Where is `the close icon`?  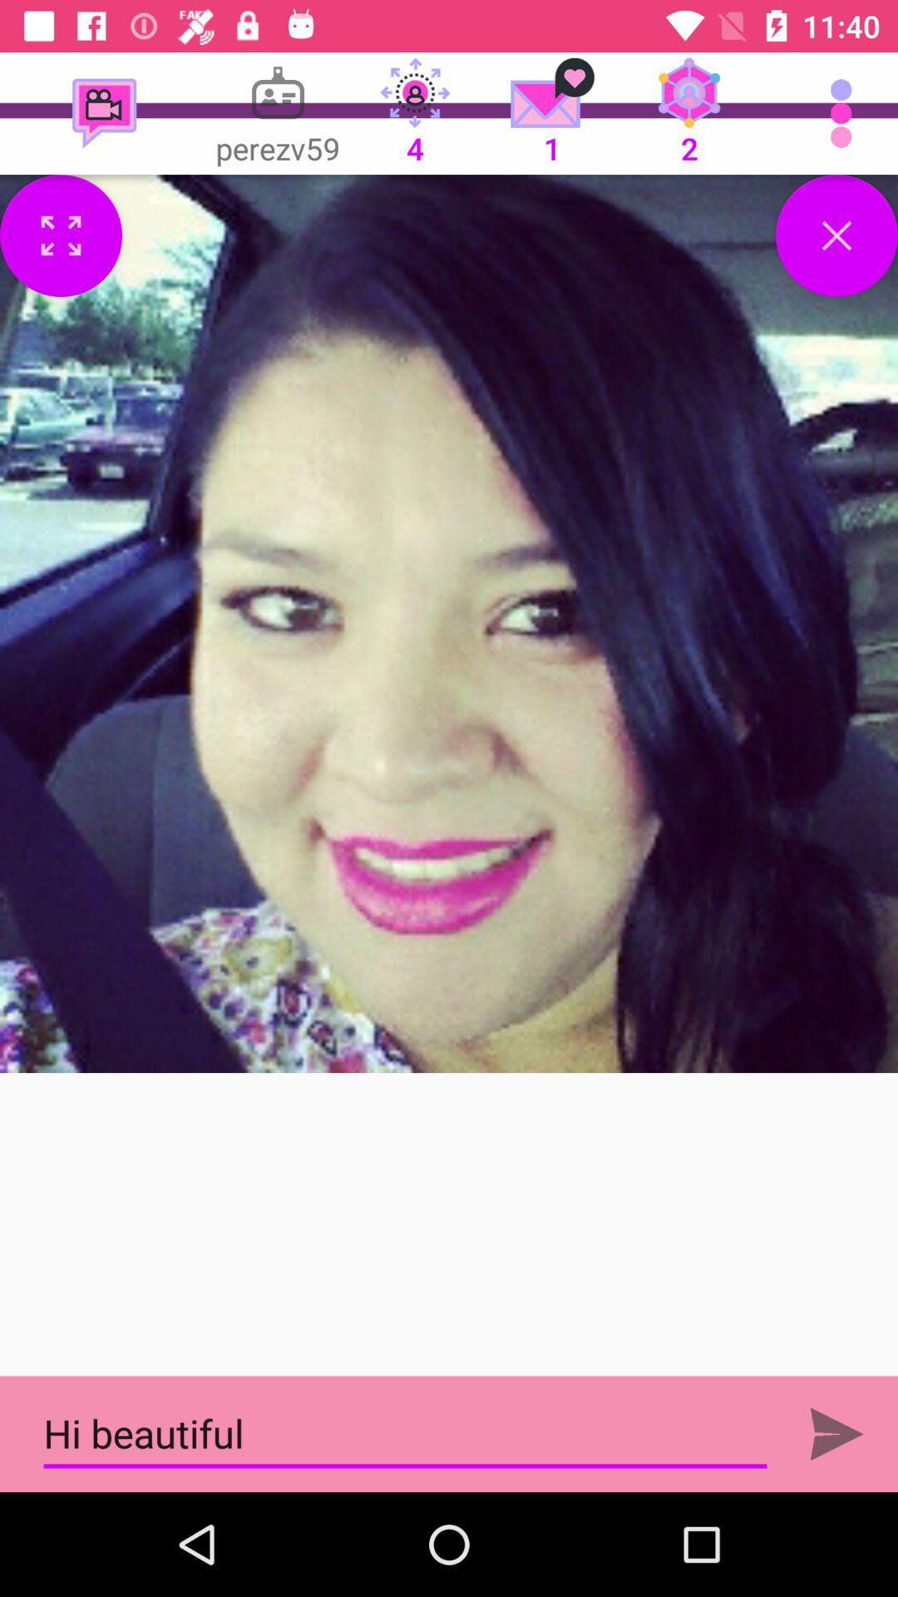
the close icon is located at coordinates (836, 235).